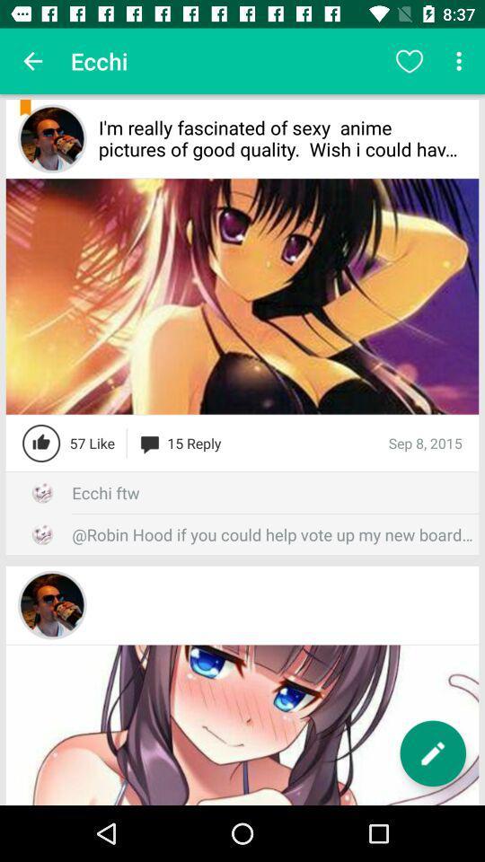 This screenshot has height=862, width=485. What do you see at coordinates (32, 61) in the screenshot?
I see `the item next to the ecchi  app` at bounding box center [32, 61].